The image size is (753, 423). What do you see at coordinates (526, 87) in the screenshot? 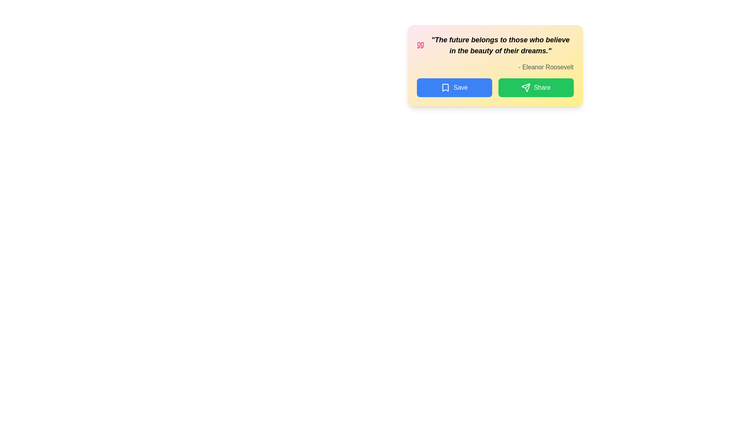
I see `the 'send' or 'share' SVG icon located to the left of the 'Share' button's text label` at bounding box center [526, 87].